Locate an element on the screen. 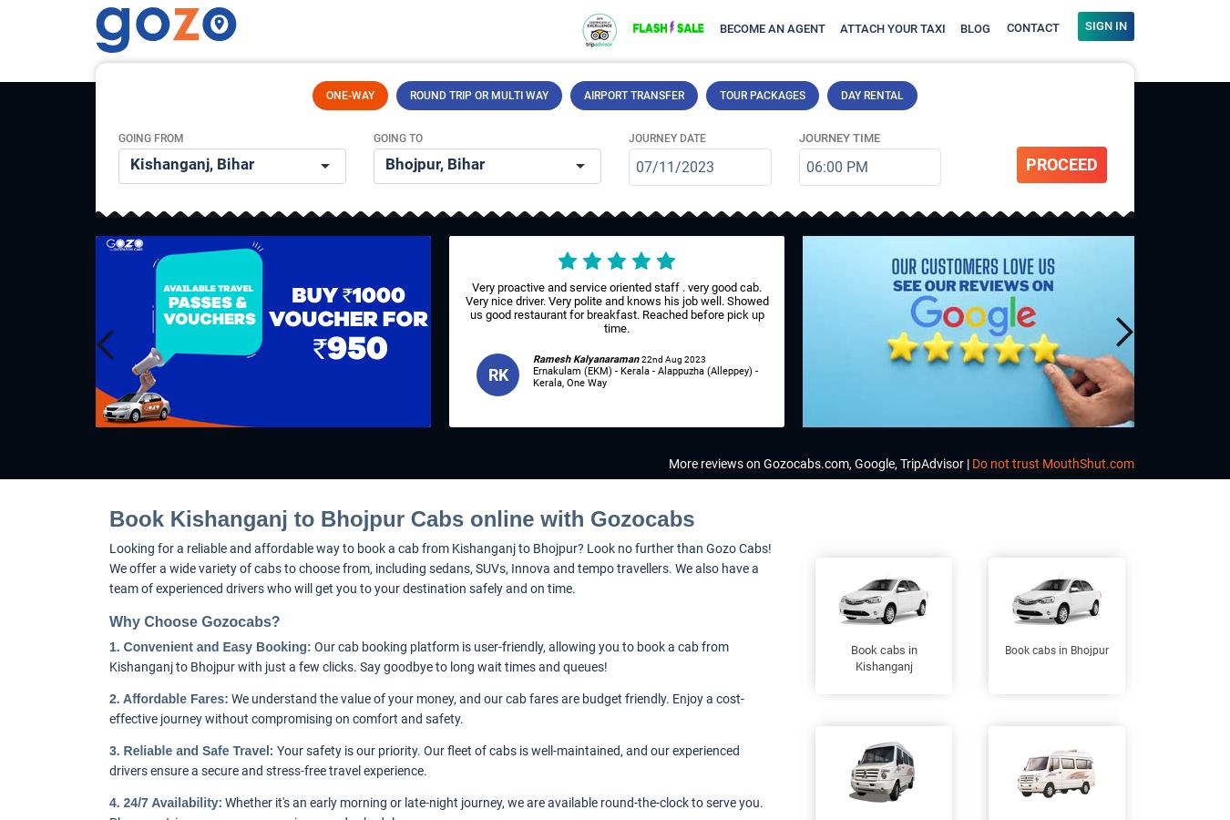 The width and height of the screenshot is (1230, 820). '4. 24/7 Availability:' is located at coordinates (165, 803).